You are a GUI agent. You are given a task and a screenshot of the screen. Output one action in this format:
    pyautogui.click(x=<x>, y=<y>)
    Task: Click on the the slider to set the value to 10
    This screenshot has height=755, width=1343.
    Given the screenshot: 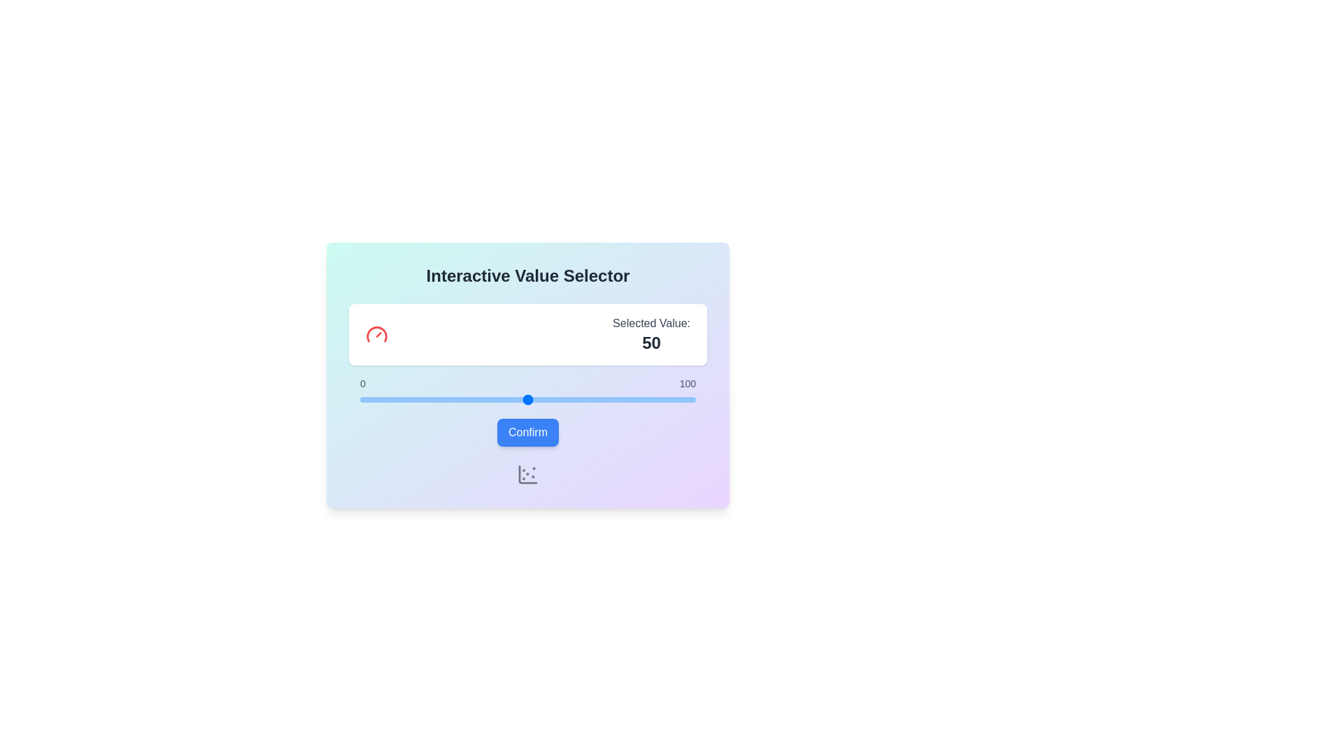 What is the action you would take?
    pyautogui.click(x=392, y=399)
    